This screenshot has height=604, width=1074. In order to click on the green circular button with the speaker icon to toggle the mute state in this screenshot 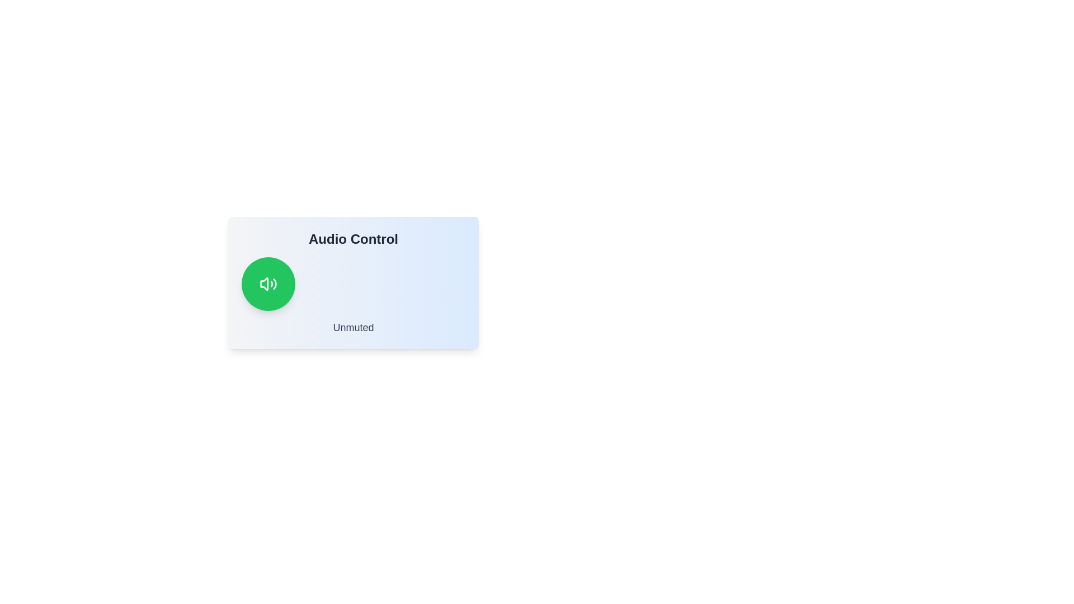, I will do `click(268, 284)`.